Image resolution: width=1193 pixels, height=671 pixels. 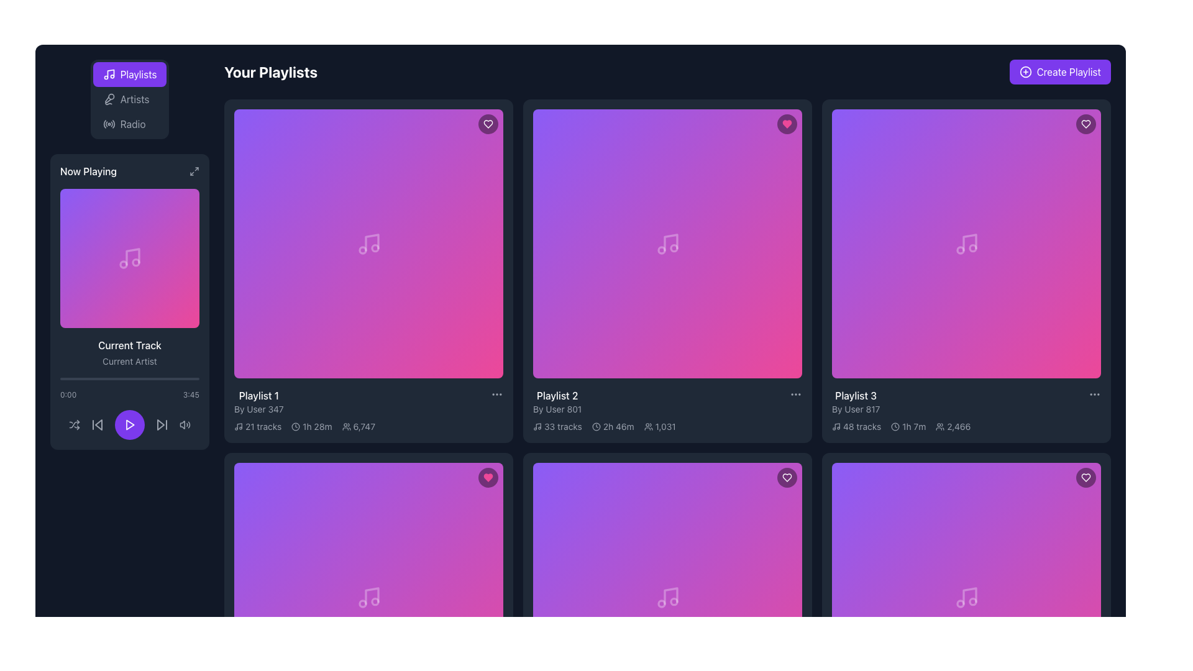 I want to click on the circular icon with a plus sign, which is part of the 'Create Playlist' button located in the top-right corner of the interface, so click(x=1025, y=71).